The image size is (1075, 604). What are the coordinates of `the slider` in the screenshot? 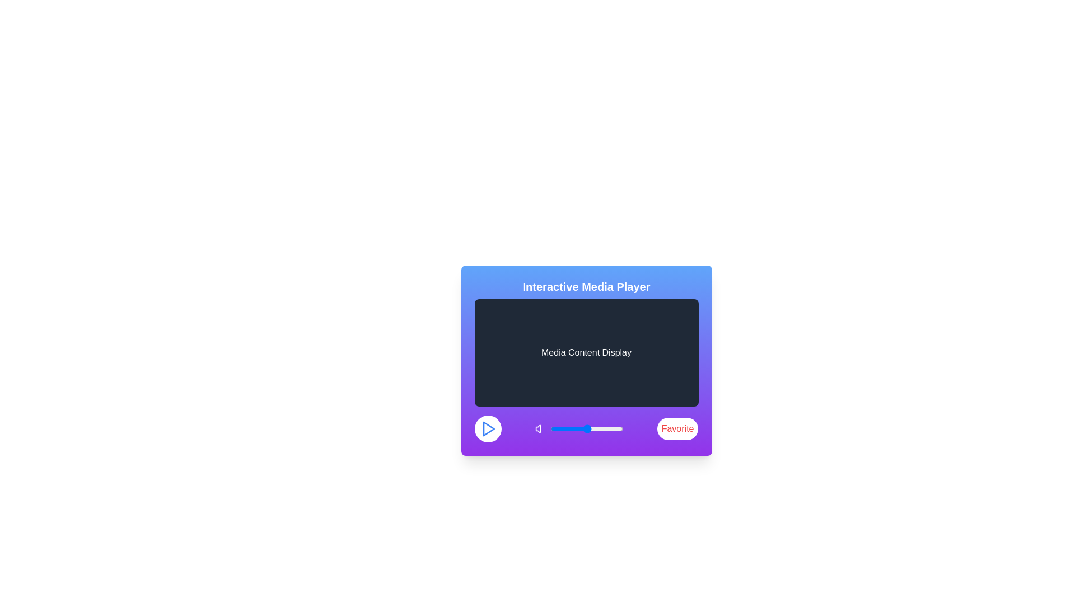 It's located at (586, 428).